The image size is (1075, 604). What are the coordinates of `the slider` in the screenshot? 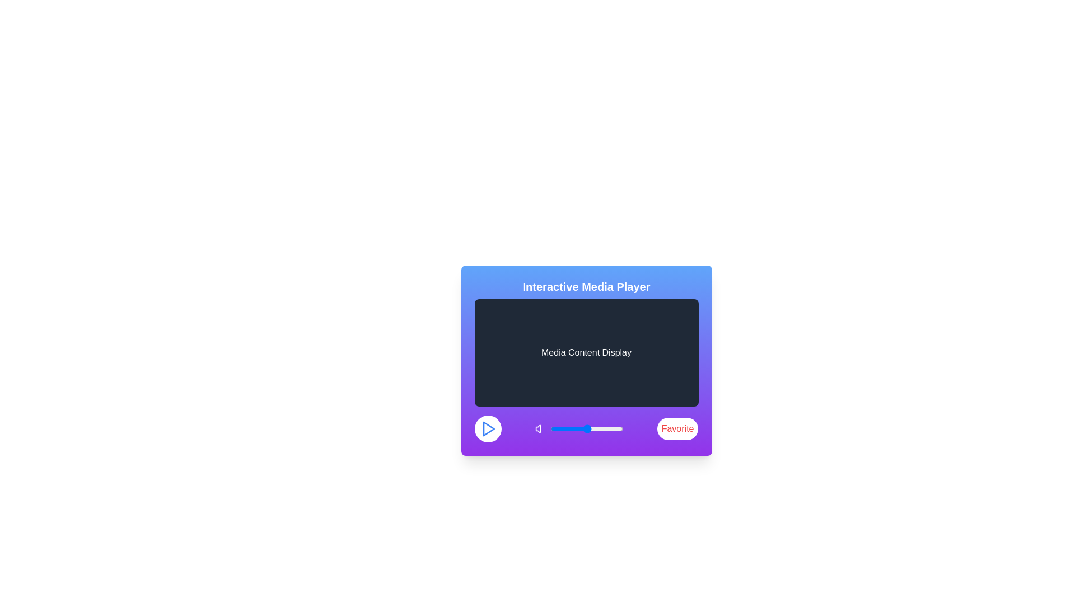 It's located at (586, 428).